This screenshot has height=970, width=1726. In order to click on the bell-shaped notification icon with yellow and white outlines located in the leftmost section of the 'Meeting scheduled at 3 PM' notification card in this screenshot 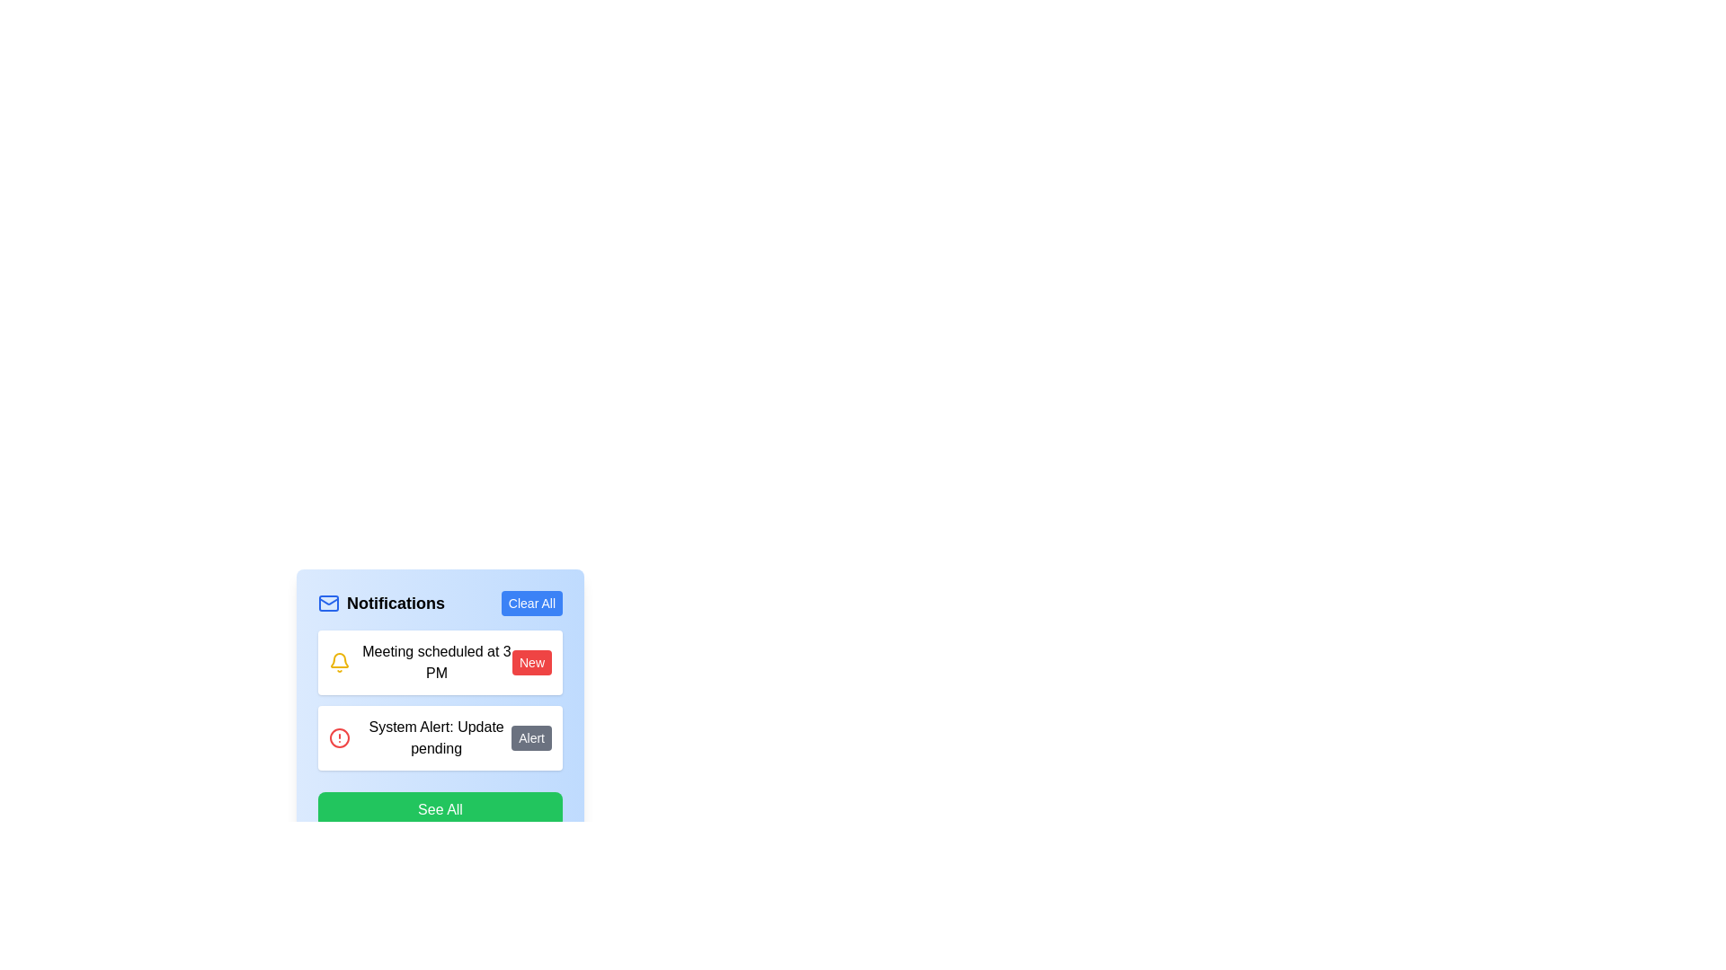, I will do `click(340, 662)`.